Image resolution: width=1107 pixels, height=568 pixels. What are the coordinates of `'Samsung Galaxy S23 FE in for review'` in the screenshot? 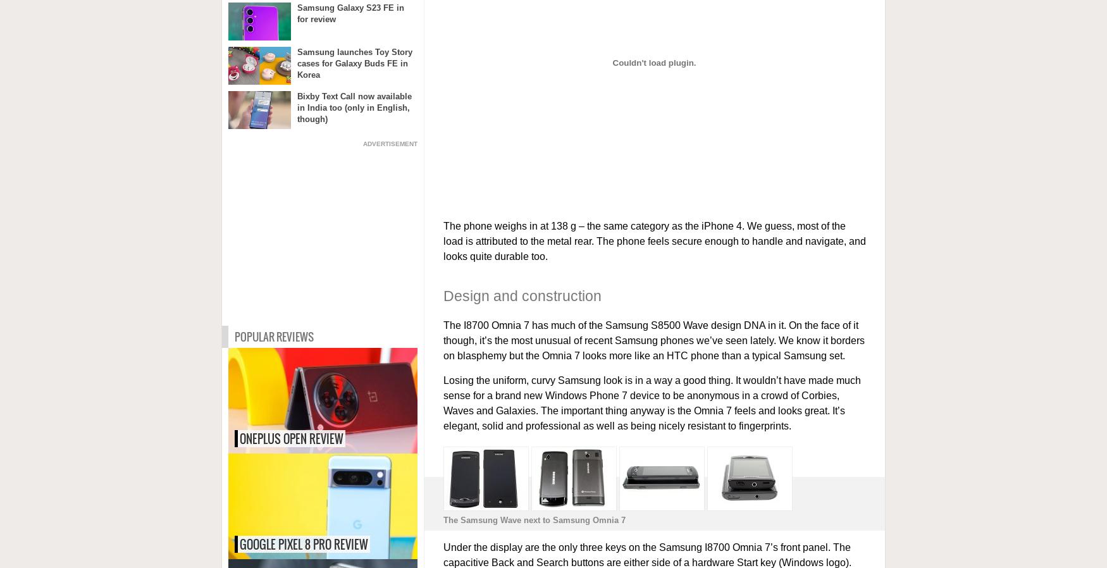 It's located at (349, 13).